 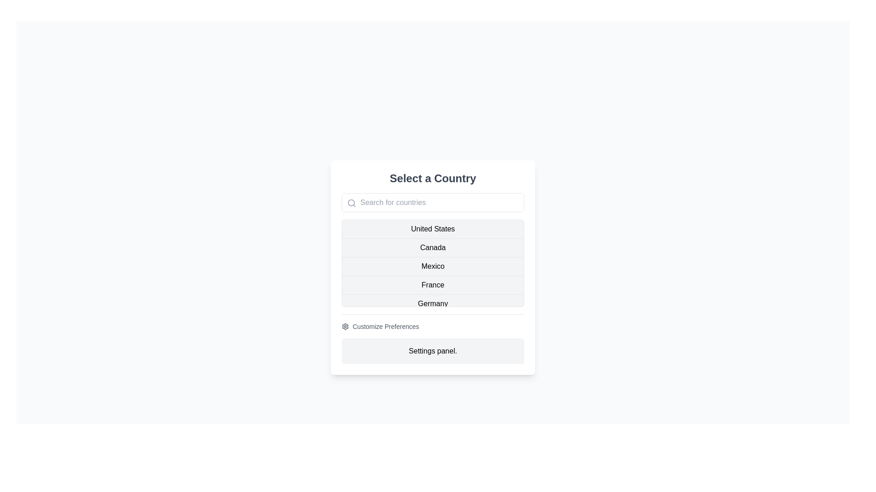 I want to click on the text label element with the text 'Settings panel' that has a light gray background and is centered underneath 'Customize Preferences', so click(x=433, y=350).